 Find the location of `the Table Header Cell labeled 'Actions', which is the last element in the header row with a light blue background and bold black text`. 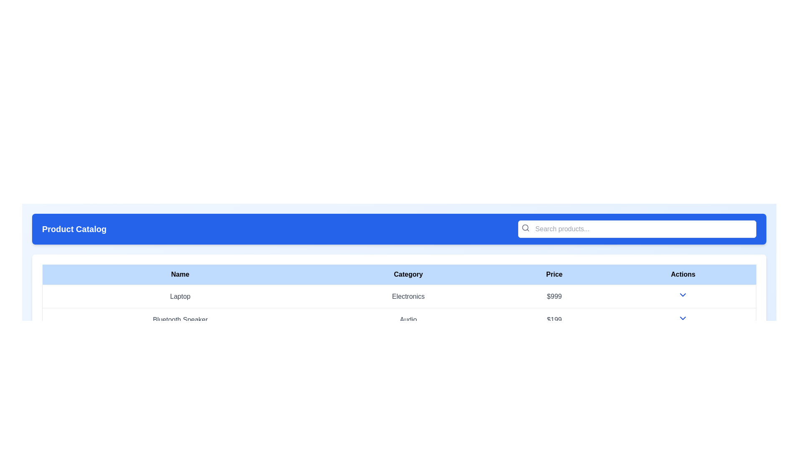

the Table Header Cell labeled 'Actions', which is the last element in the header row with a light blue background and bold black text is located at coordinates (683, 275).